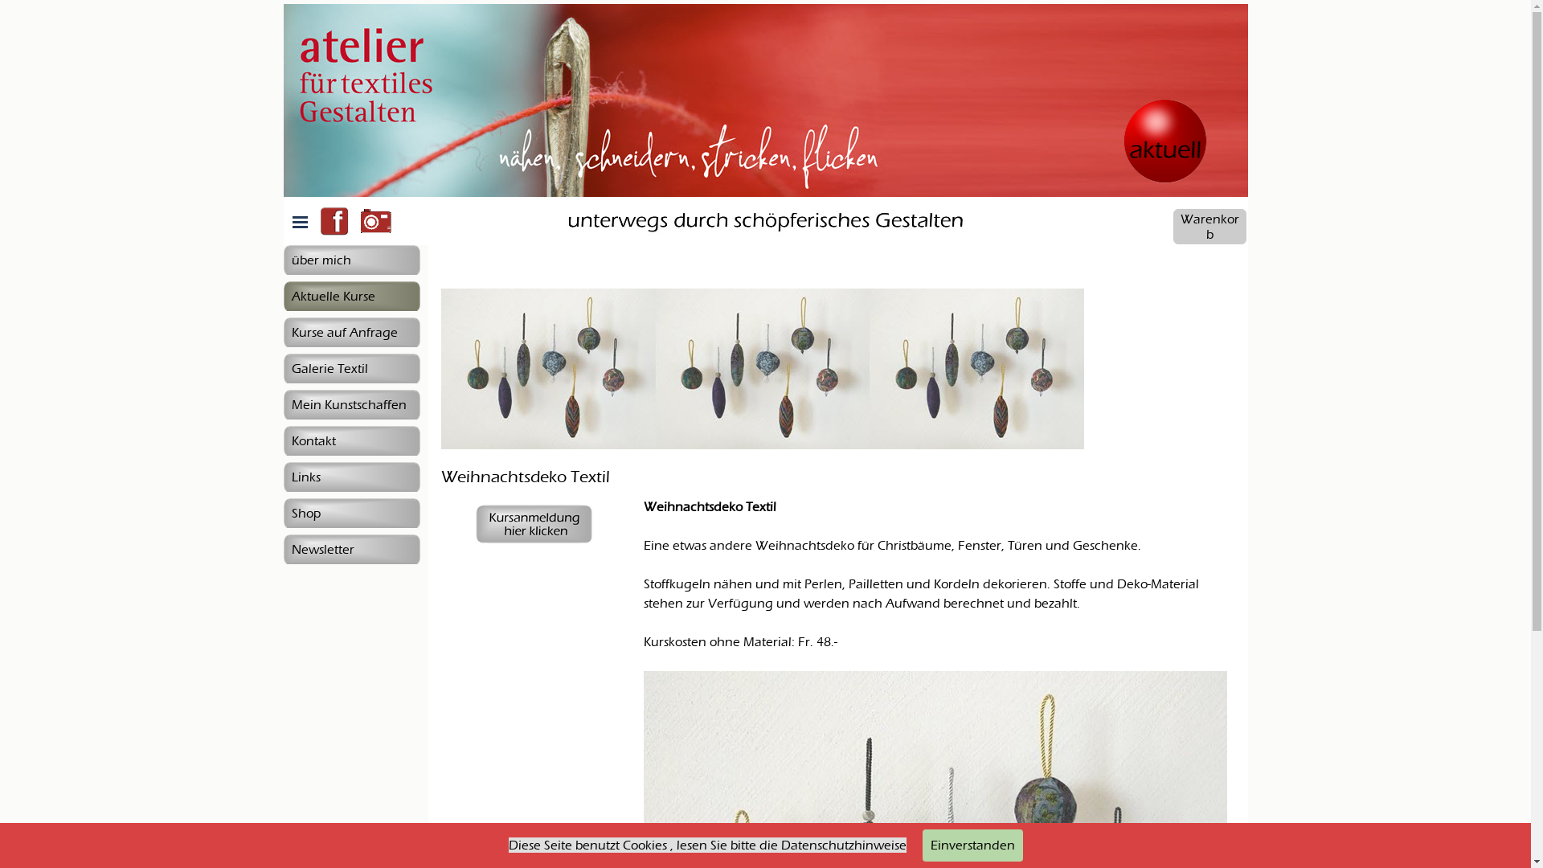 This screenshot has width=1543, height=868. What do you see at coordinates (350, 403) in the screenshot?
I see `'Mein Kunstschaffen'` at bounding box center [350, 403].